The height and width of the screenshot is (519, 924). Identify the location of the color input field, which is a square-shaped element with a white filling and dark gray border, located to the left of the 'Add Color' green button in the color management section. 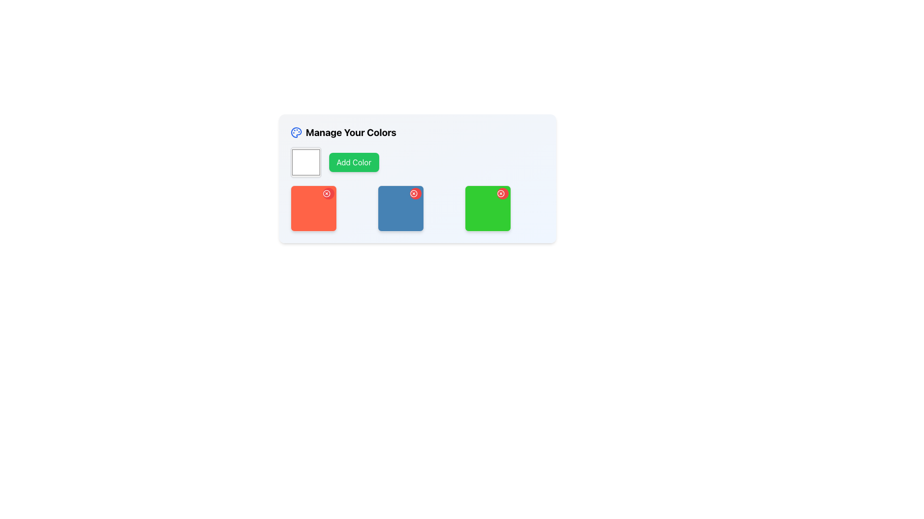
(305, 162).